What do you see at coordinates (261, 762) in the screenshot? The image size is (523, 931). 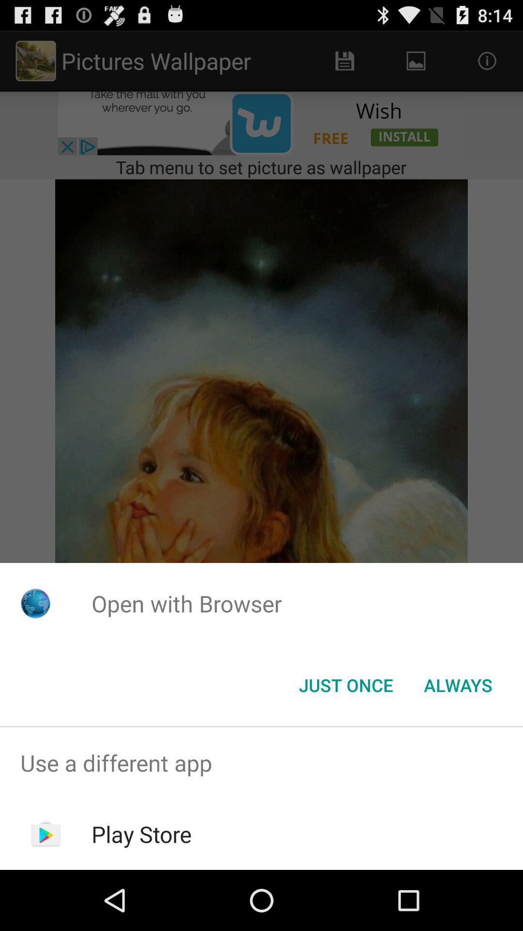 I see `use a different app` at bounding box center [261, 762].